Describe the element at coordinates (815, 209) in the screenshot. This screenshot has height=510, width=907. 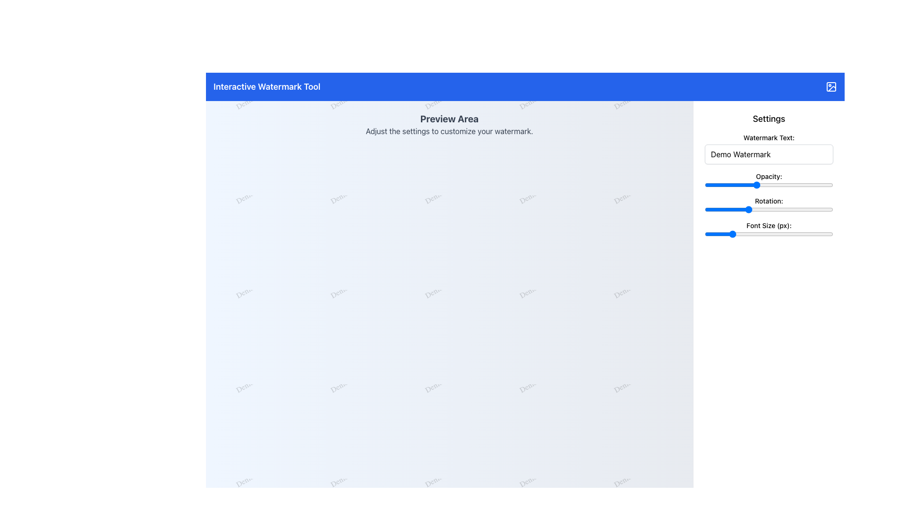
I see `rotation` at that location.